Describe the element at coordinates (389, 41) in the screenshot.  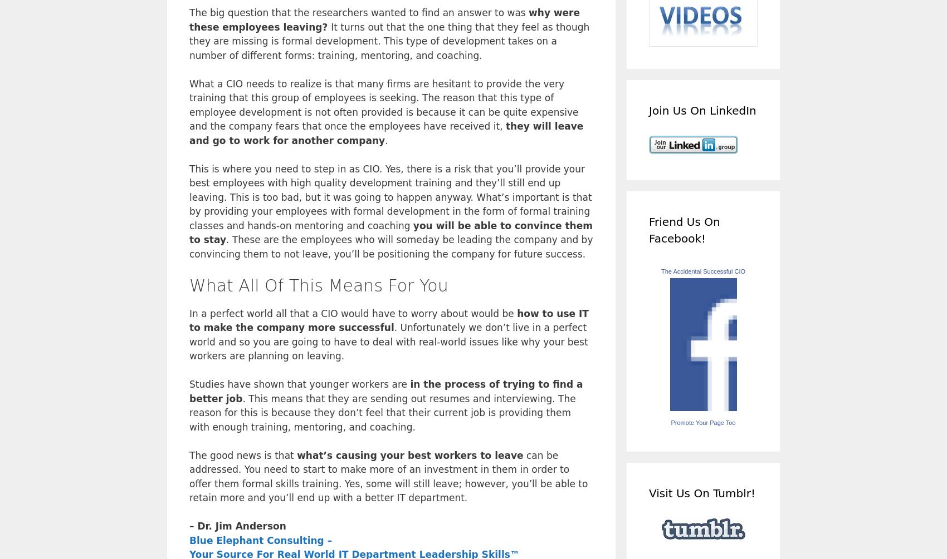
I see `'It turns out that the one thing that they feel as though they are missing is formal development. This type of development takes on a number of different forms: training, mentoring, and coaching.'` at that location.